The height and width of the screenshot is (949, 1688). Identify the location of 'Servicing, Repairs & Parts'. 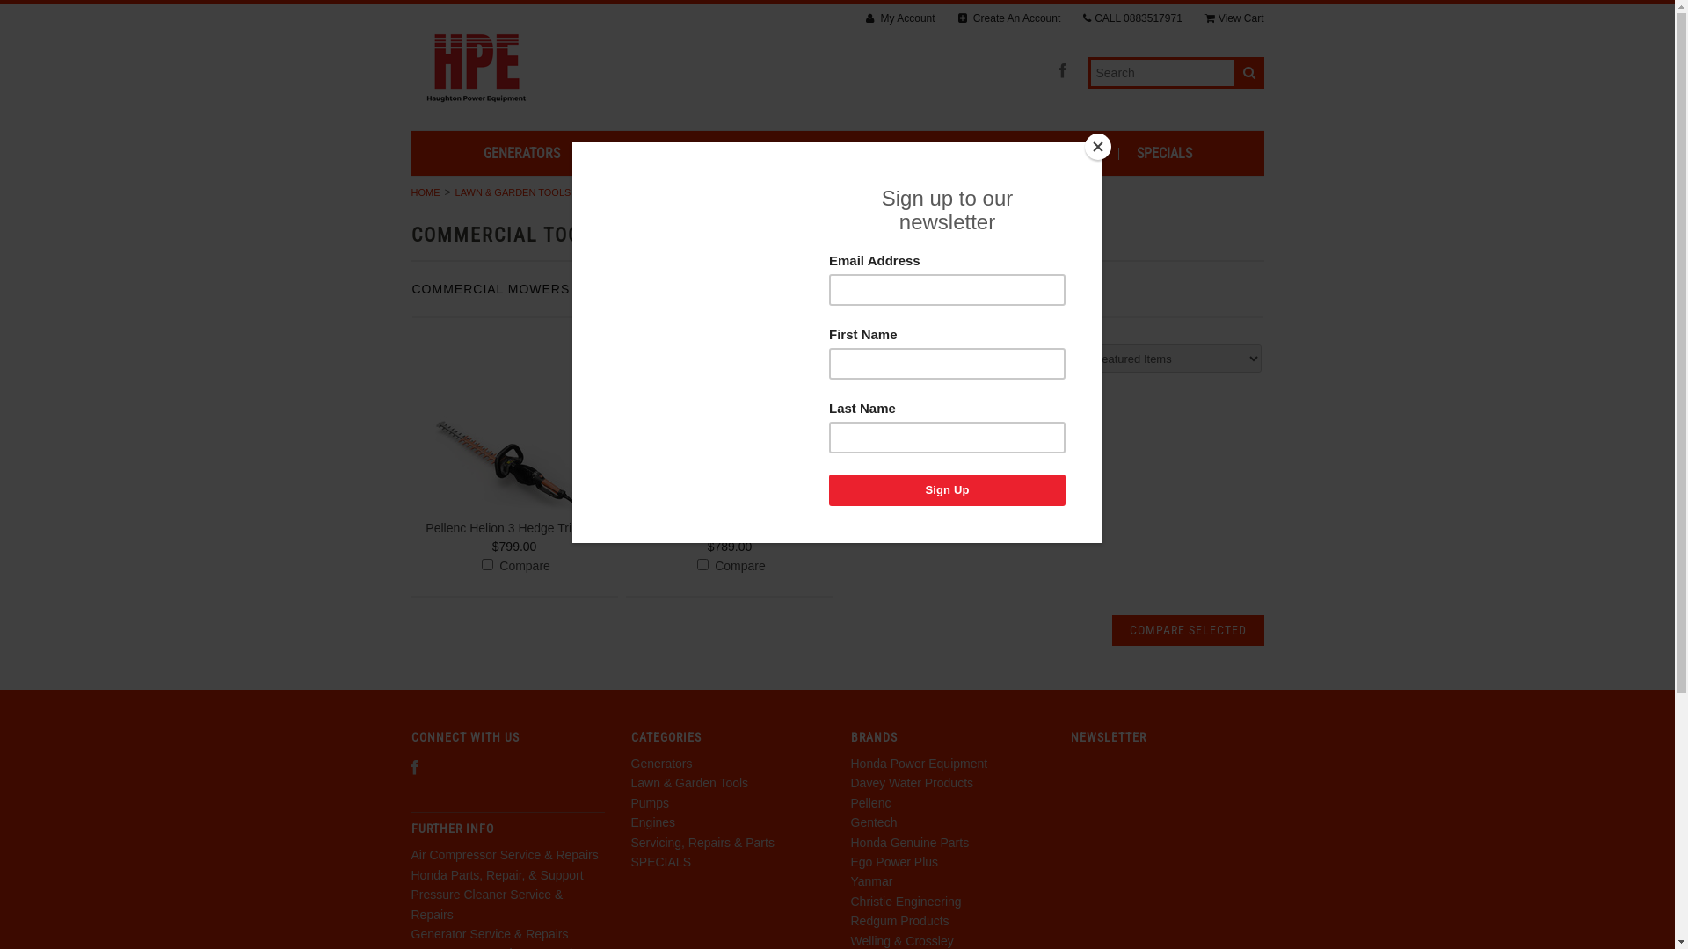
(702, 842).